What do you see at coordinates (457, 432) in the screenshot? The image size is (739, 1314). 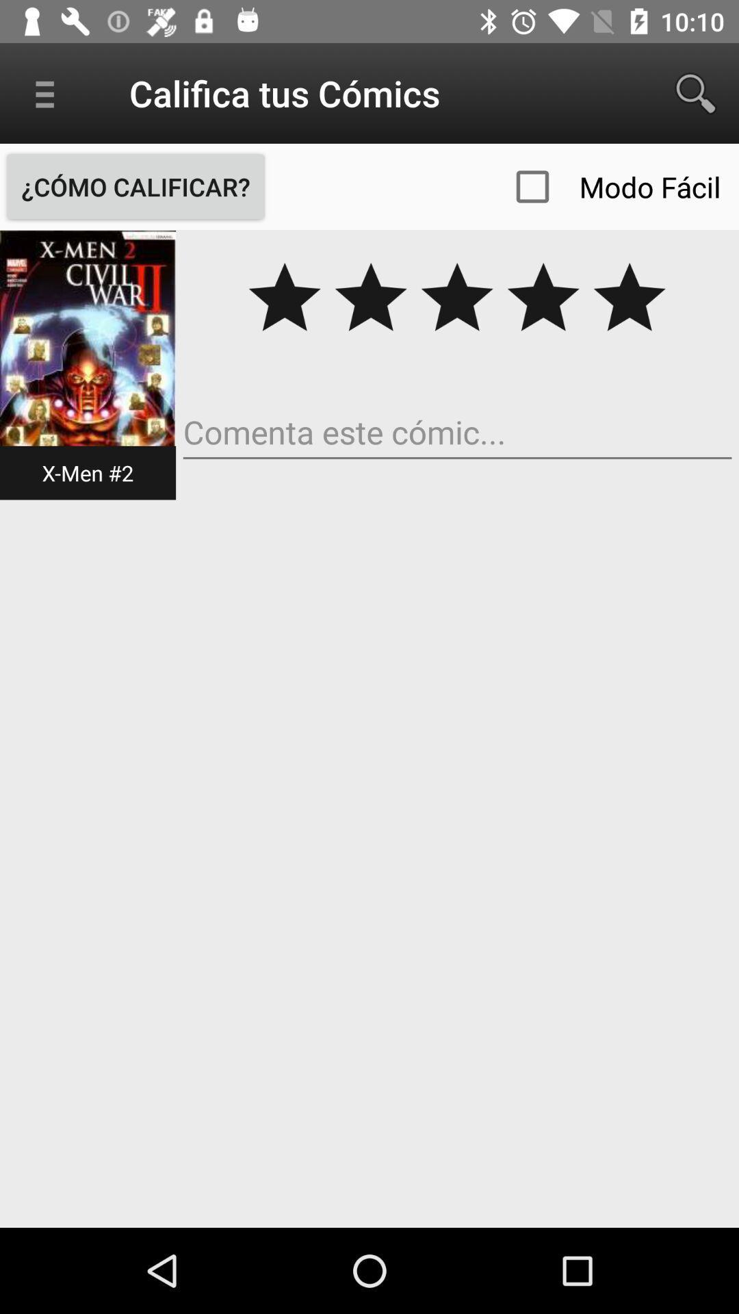 I see `comment` at bounding box center [457, 432].